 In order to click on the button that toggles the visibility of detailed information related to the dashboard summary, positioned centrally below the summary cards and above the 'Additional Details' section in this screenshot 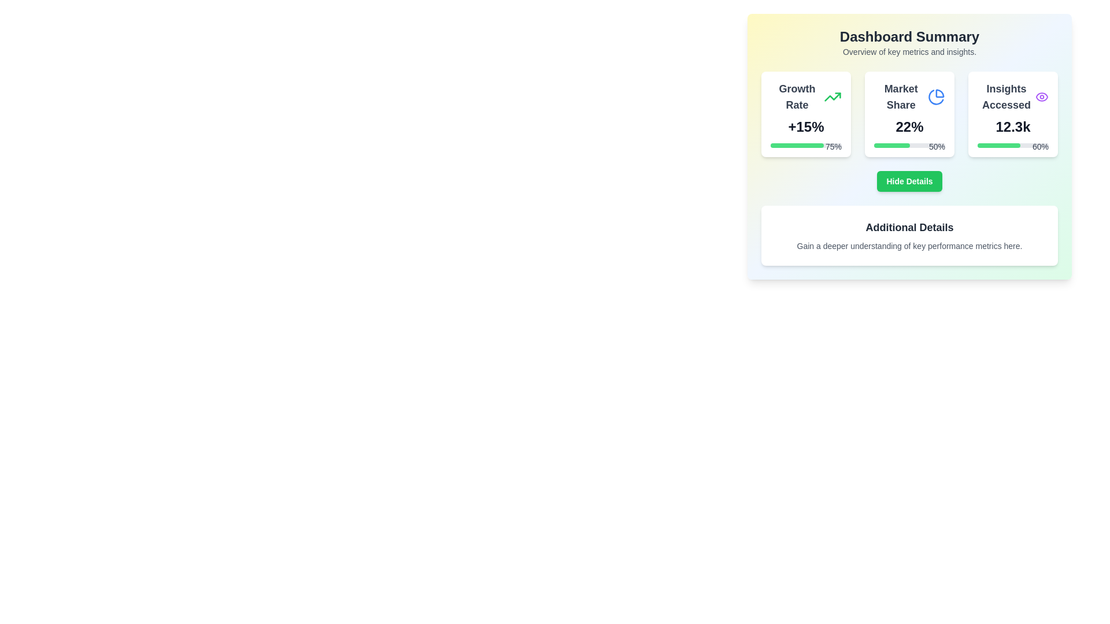, I will do `click(909, 181)`.